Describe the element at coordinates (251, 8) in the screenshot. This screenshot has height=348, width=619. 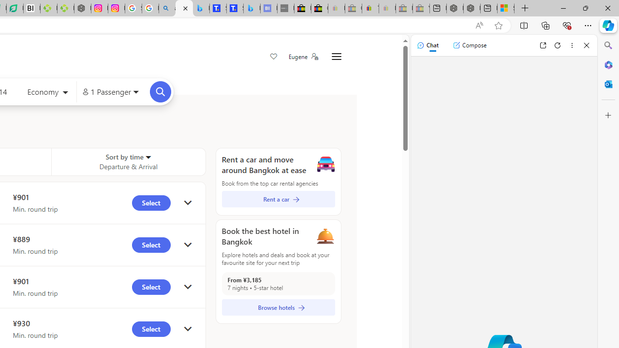
I see `'Microsoft Bing Travel - Shangri-La Hotel Bangkok'` at that location.